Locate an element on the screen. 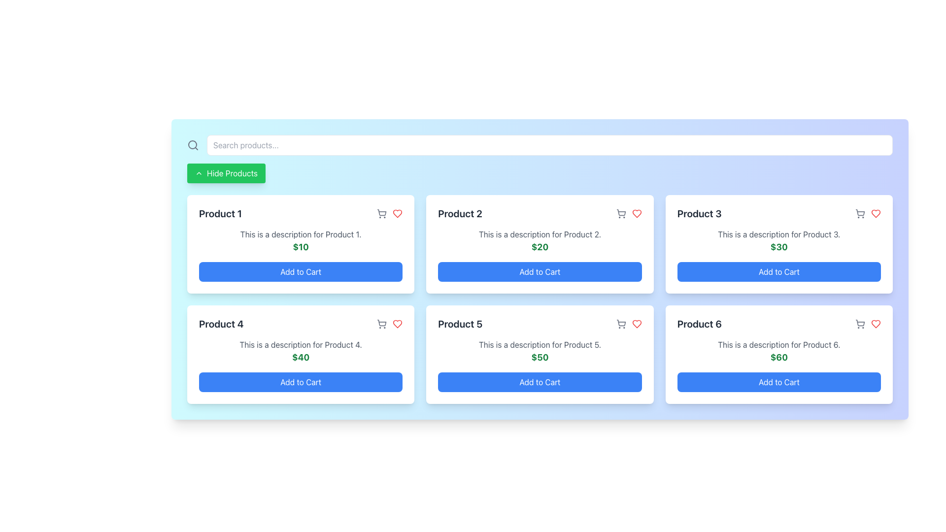 The height and width of the screenshot is (532, 946). the shopping cart icon, which is a gray cart outline with two circular wheels, positioned to the left of a heart icon in the top-right corner of a product card is located at coordinates (381, 213).